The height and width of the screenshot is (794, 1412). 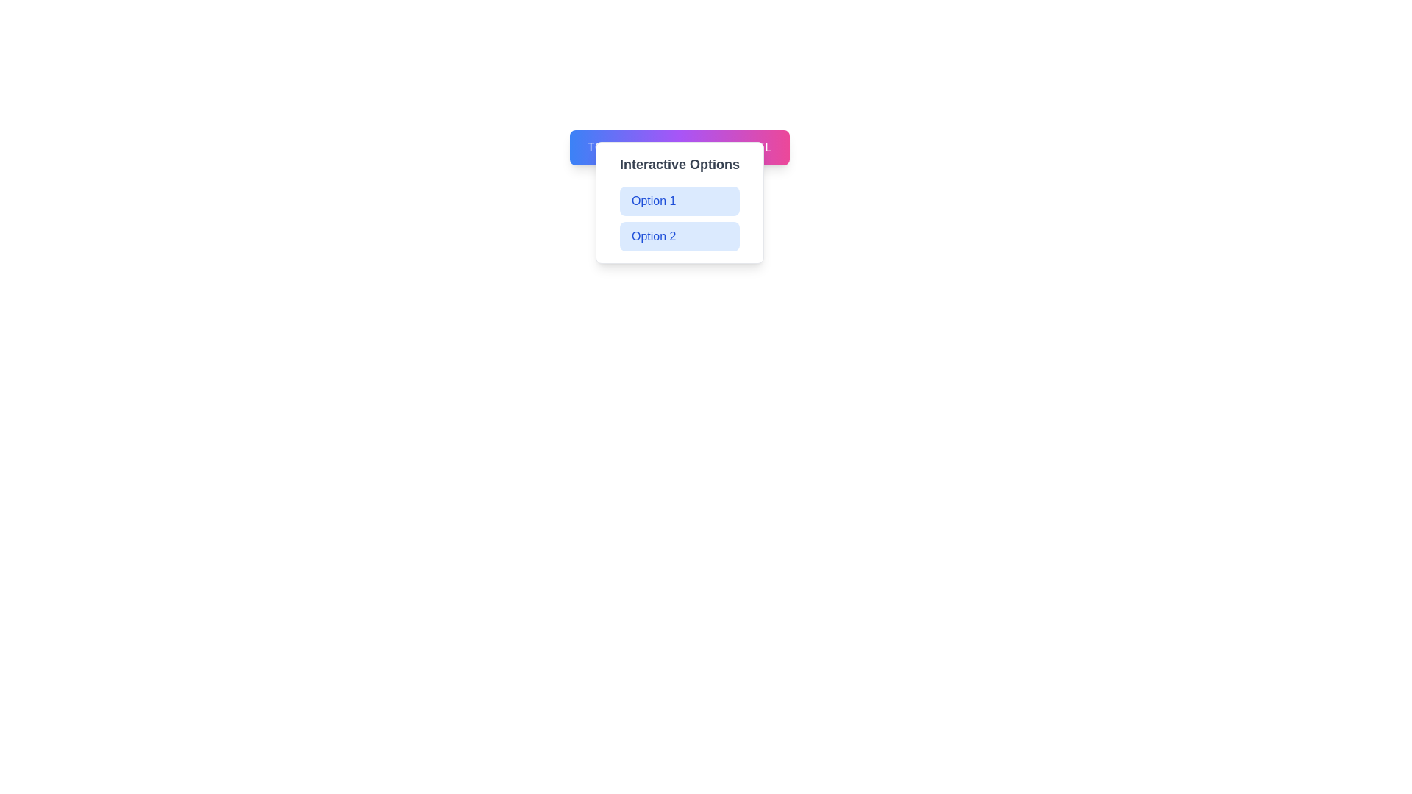 What do you see at coordinates (679, 164) in the screenshot?
I see `the text label displaying 'Interactive Options', which is styled in bold and dark gray, located at the top of the dropdown menu` at bounding box center [679, 164].